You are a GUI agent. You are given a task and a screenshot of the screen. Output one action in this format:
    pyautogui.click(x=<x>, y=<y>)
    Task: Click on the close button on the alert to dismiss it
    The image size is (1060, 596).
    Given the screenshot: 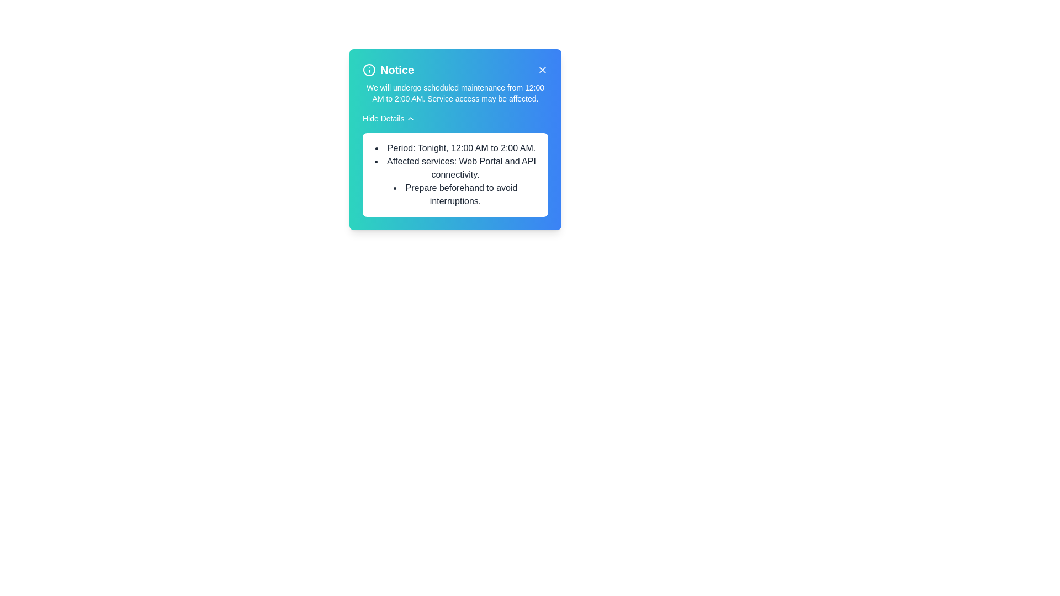 What is the action you would take?
    pyautogui.click(x=543, y=70)
    